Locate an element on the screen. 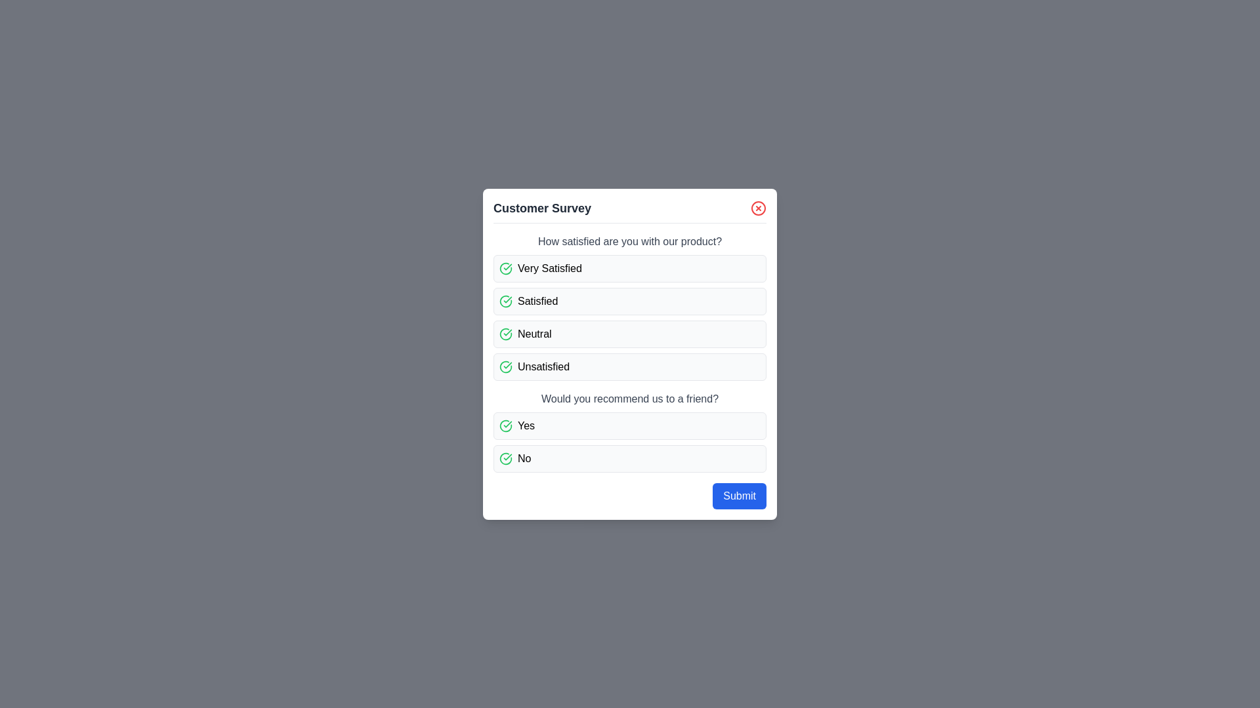 This screenshot has width=1260, height=708. the 'Submit' button to submit the survey is located at coordinates (740, 496).